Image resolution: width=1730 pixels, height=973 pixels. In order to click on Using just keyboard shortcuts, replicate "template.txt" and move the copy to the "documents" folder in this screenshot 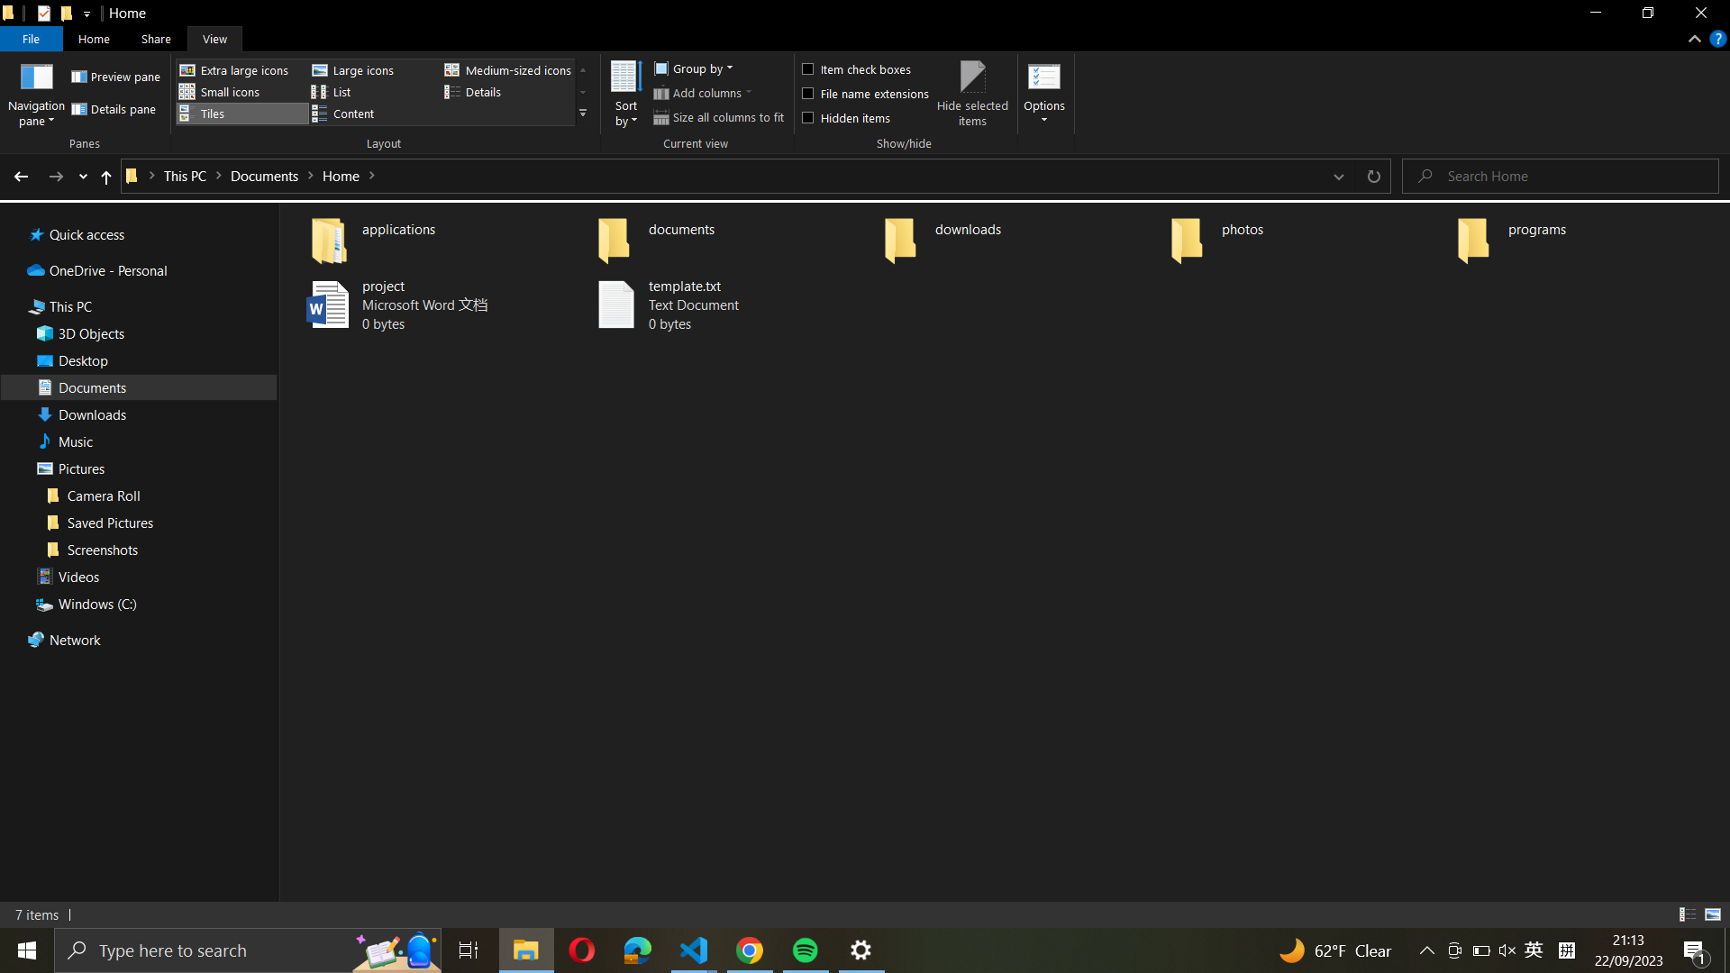, I will do `click(731, 305)`.